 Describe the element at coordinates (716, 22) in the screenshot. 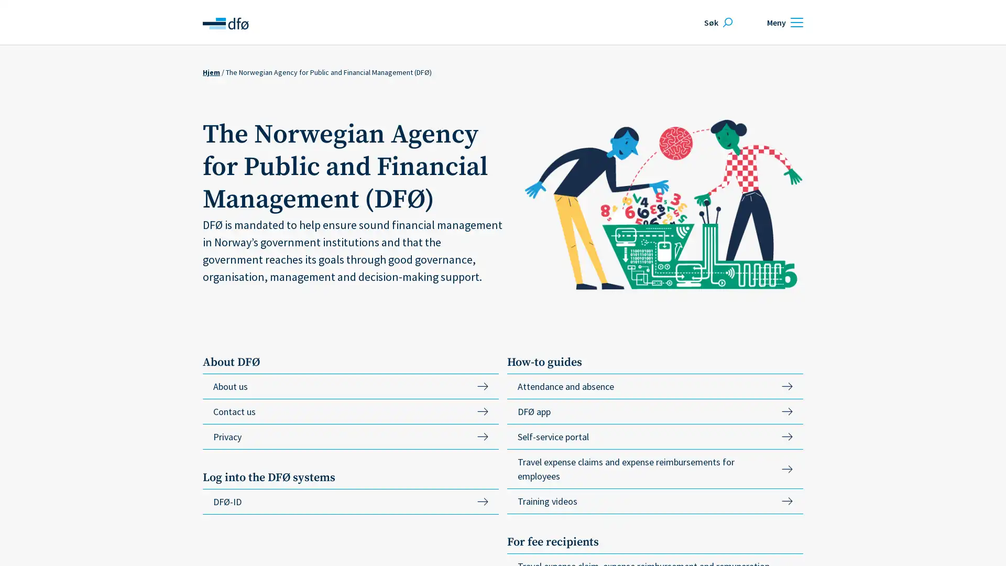

I see `Sk` at that location.